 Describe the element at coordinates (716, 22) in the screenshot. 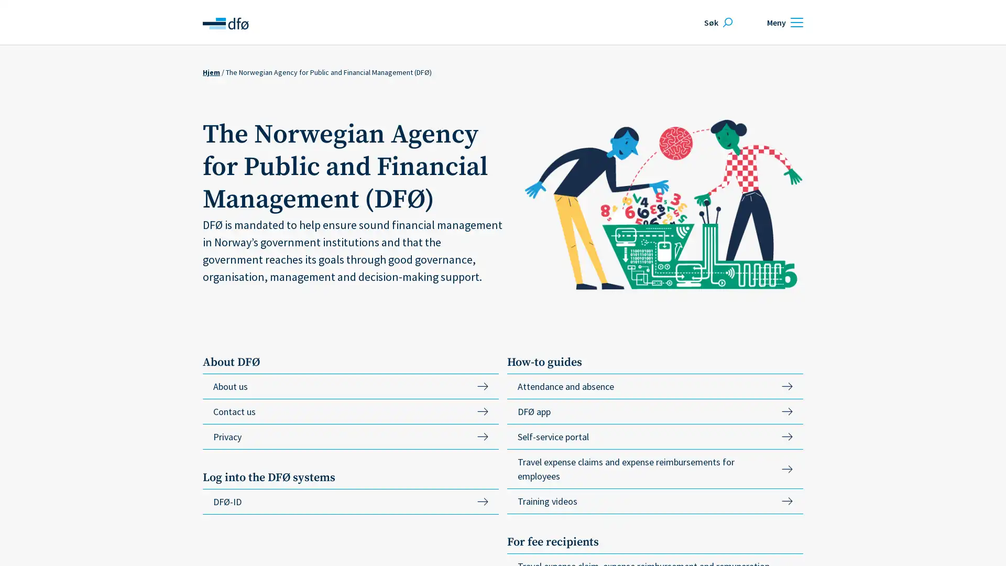

I see `Sk` at that location.